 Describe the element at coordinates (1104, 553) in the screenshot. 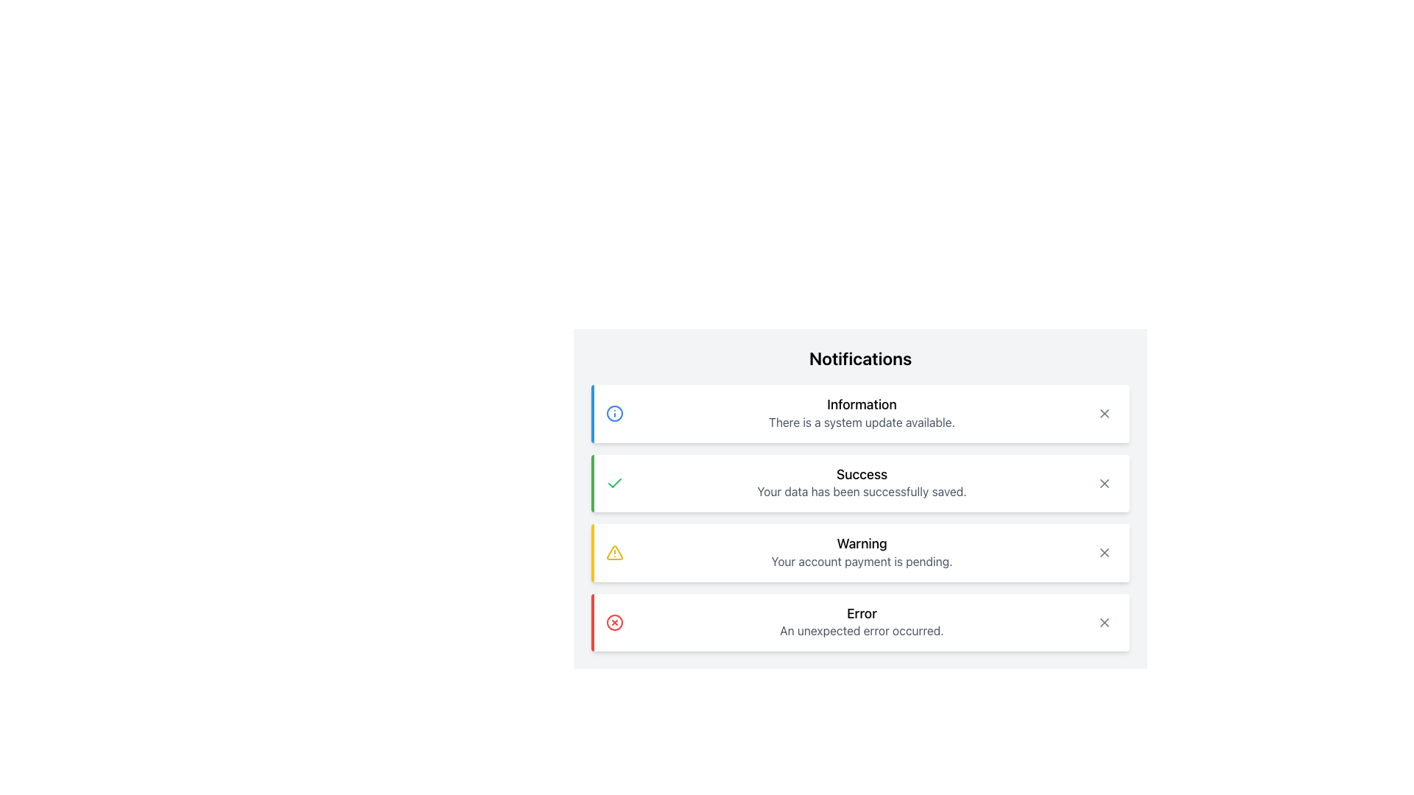

I see `the 'X' icon located within the third 'Warning' notification` at that location.